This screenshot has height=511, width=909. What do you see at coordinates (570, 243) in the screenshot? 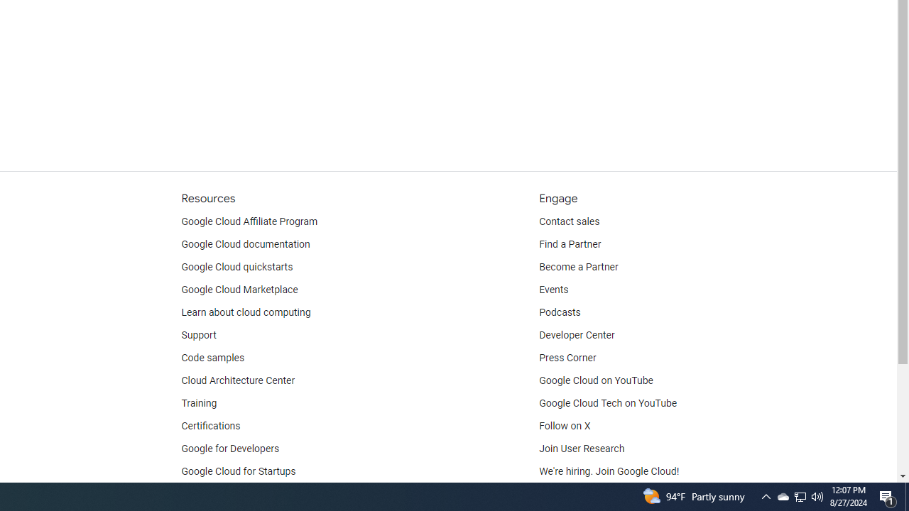
I see `'Find a Partner'` at bounding box center [570, 243].